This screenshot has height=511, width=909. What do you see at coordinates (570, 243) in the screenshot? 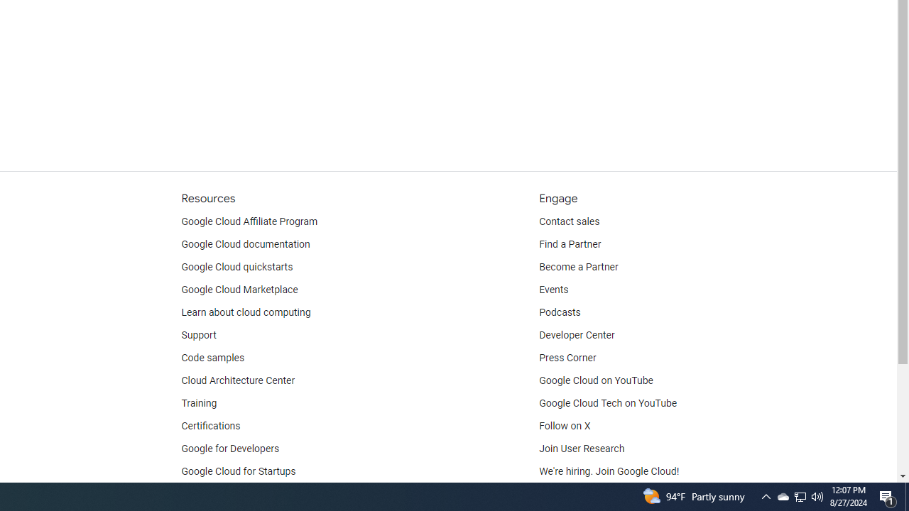
I see `'Find a Partner'` at bounding box center [570, 243].